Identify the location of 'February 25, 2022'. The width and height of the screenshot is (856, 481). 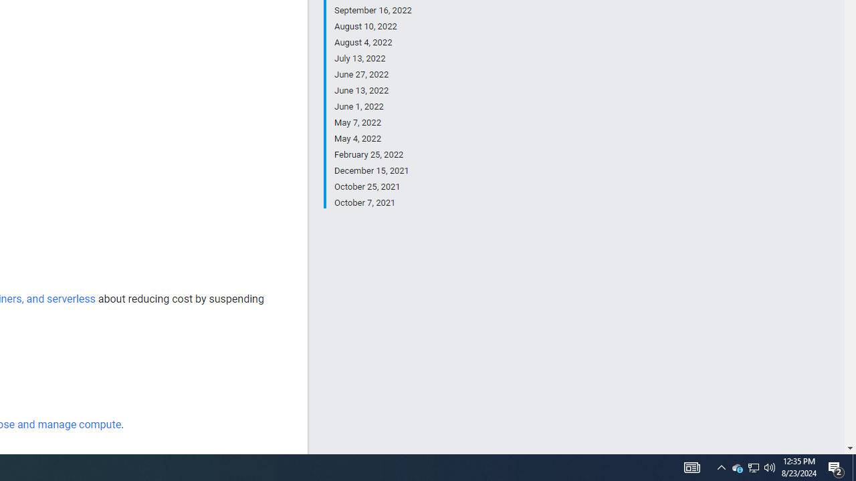
(372, 154).